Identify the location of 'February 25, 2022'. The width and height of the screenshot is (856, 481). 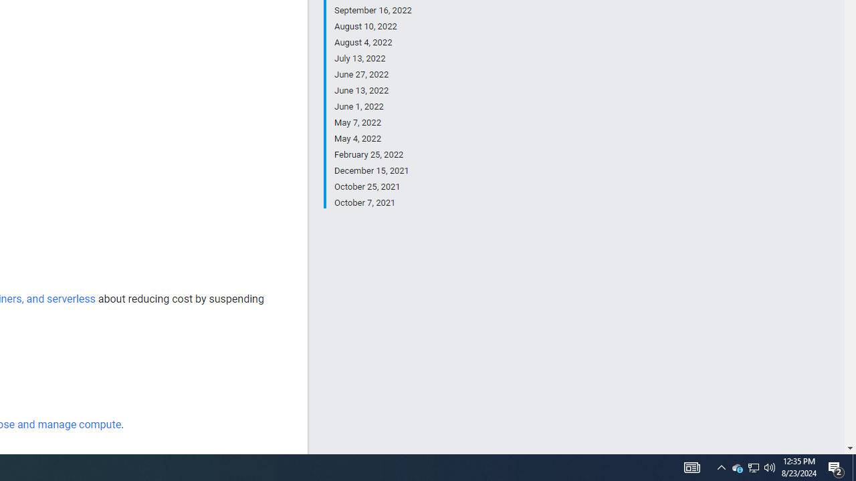
(372, 154).